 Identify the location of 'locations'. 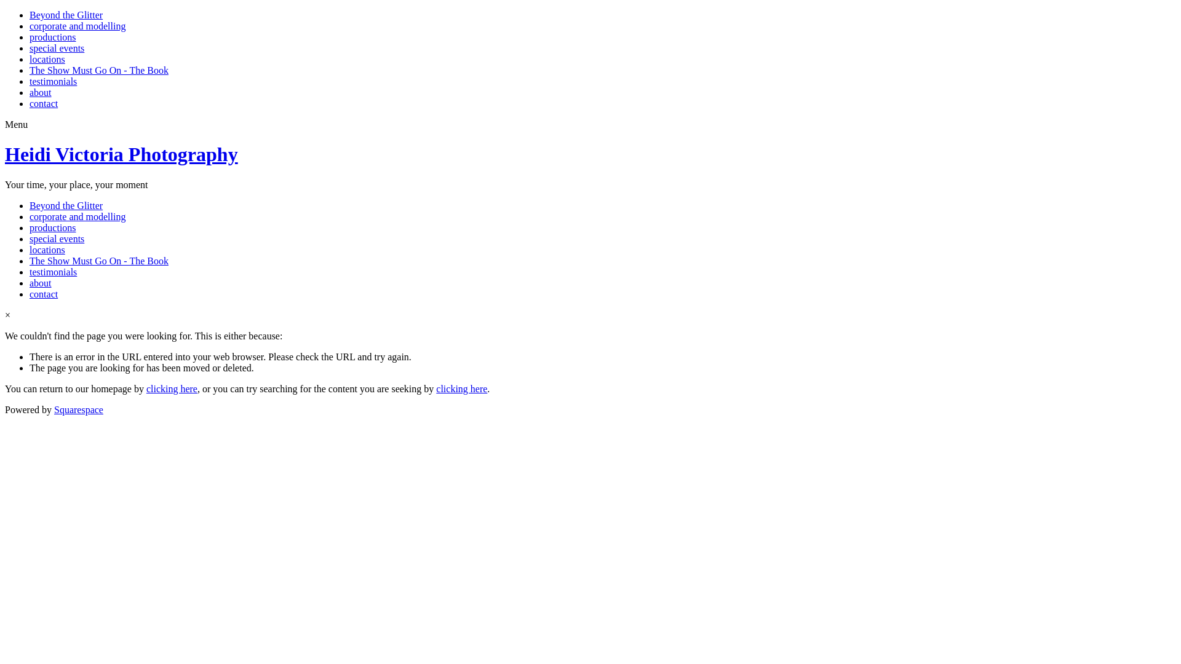
(30, 59).